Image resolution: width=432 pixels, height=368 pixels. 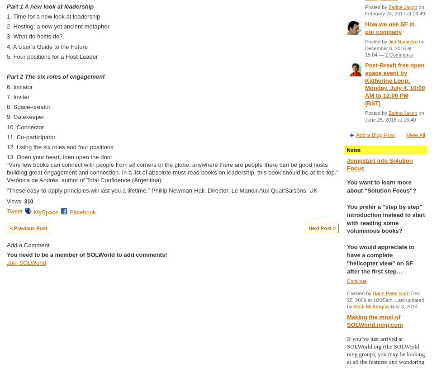 What do you see at coordinates (82, 212) in the screenshot?
I see `'Facebook'` at bounding box center [82, 212].